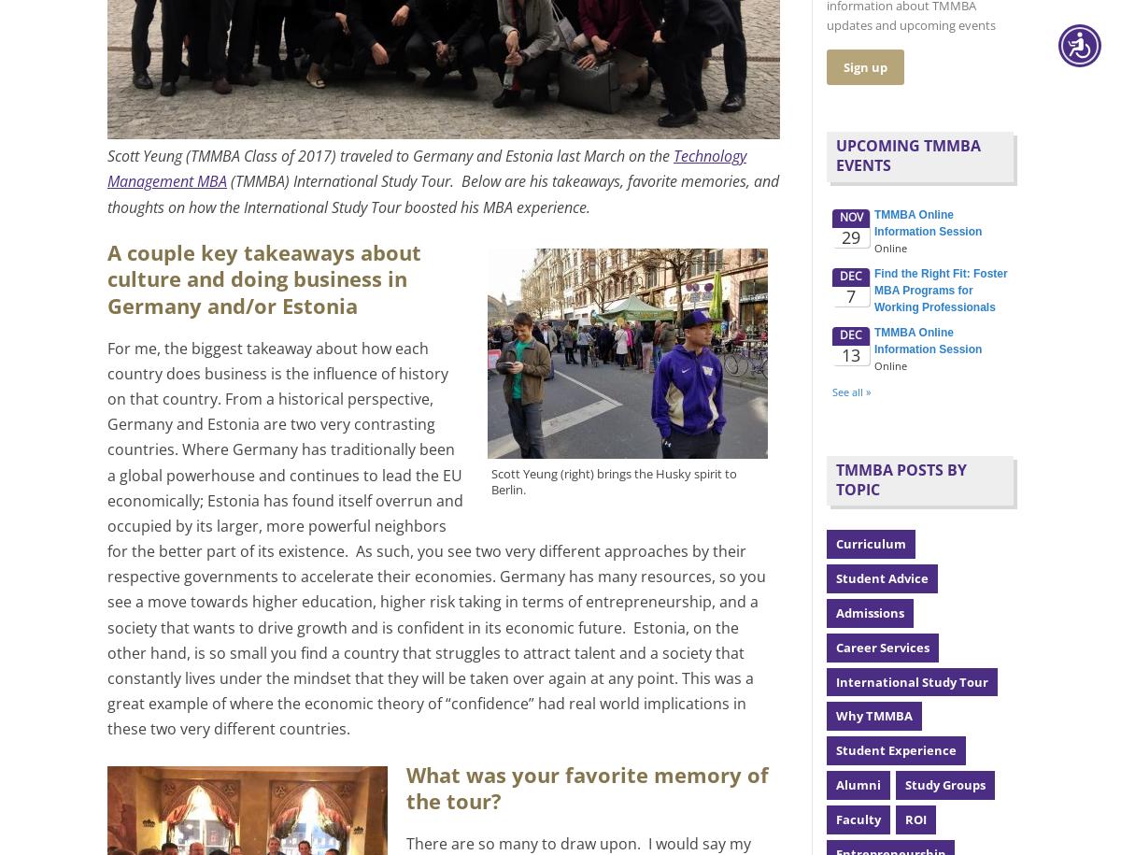 Image resolution: width=1121 pixels, height=855 pixels. I want to click on 'Student Advice', so click(882, 577).